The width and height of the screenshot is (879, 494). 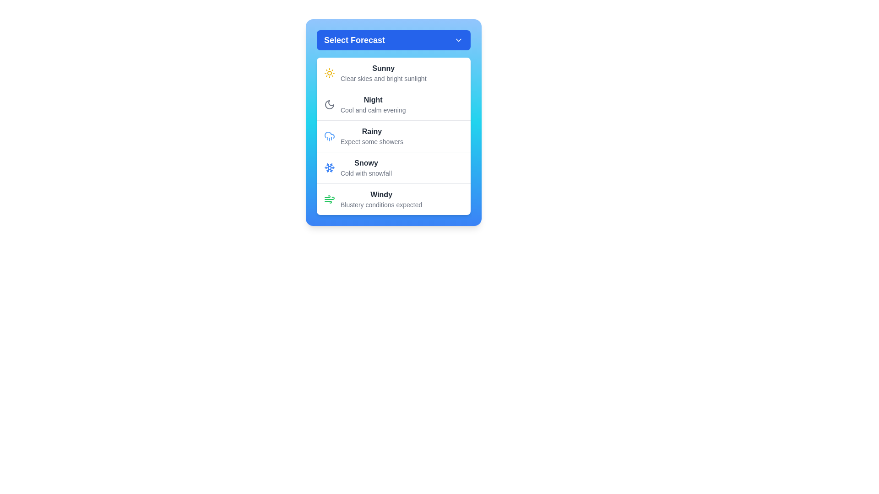 I want to click on to select the 'Snowy' option in the weather forecast dropdown menu, which is located in the fourth row between 'Rainy' and 'Windy', so click(x=366, y=167).